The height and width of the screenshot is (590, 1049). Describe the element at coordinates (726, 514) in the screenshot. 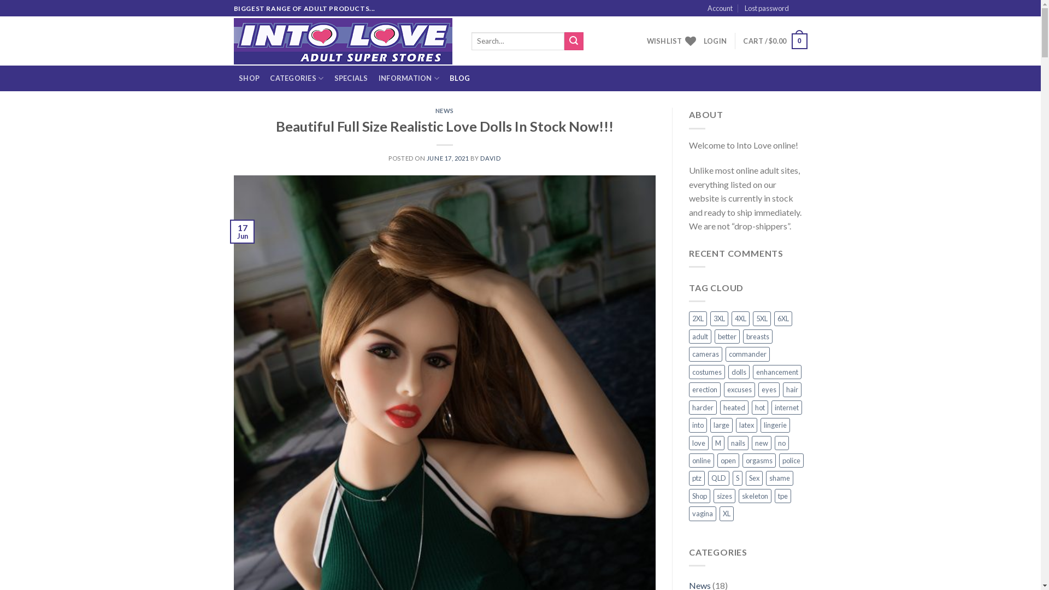

I see `'XL'` at that location.